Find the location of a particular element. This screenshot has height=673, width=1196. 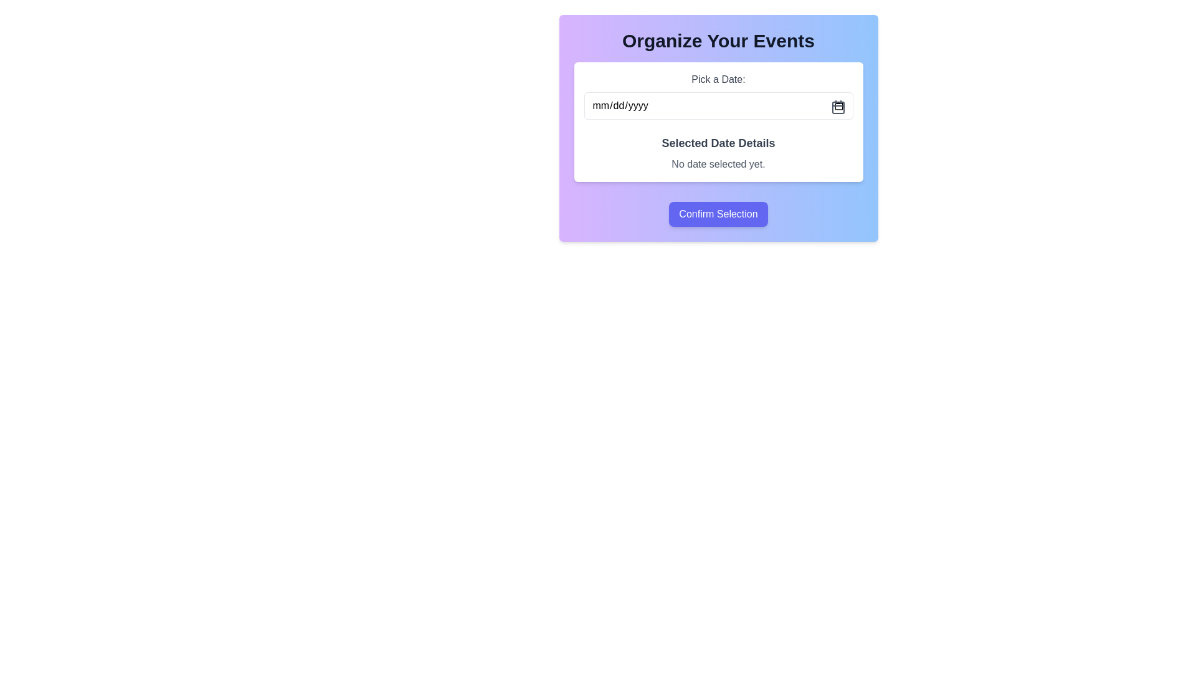

the text label indicating the section for selected date details, which is centrally located above the text 'No date selected yet.' is located at coordinates (718, 143).